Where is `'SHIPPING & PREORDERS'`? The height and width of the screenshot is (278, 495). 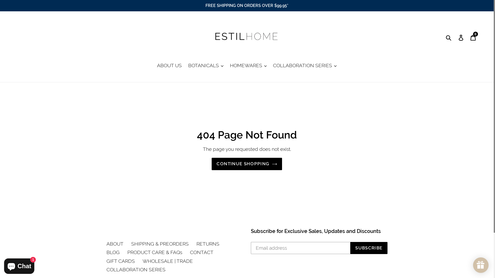 'SHIPPING & PREORDERS' is located at coordinates (159, 244).